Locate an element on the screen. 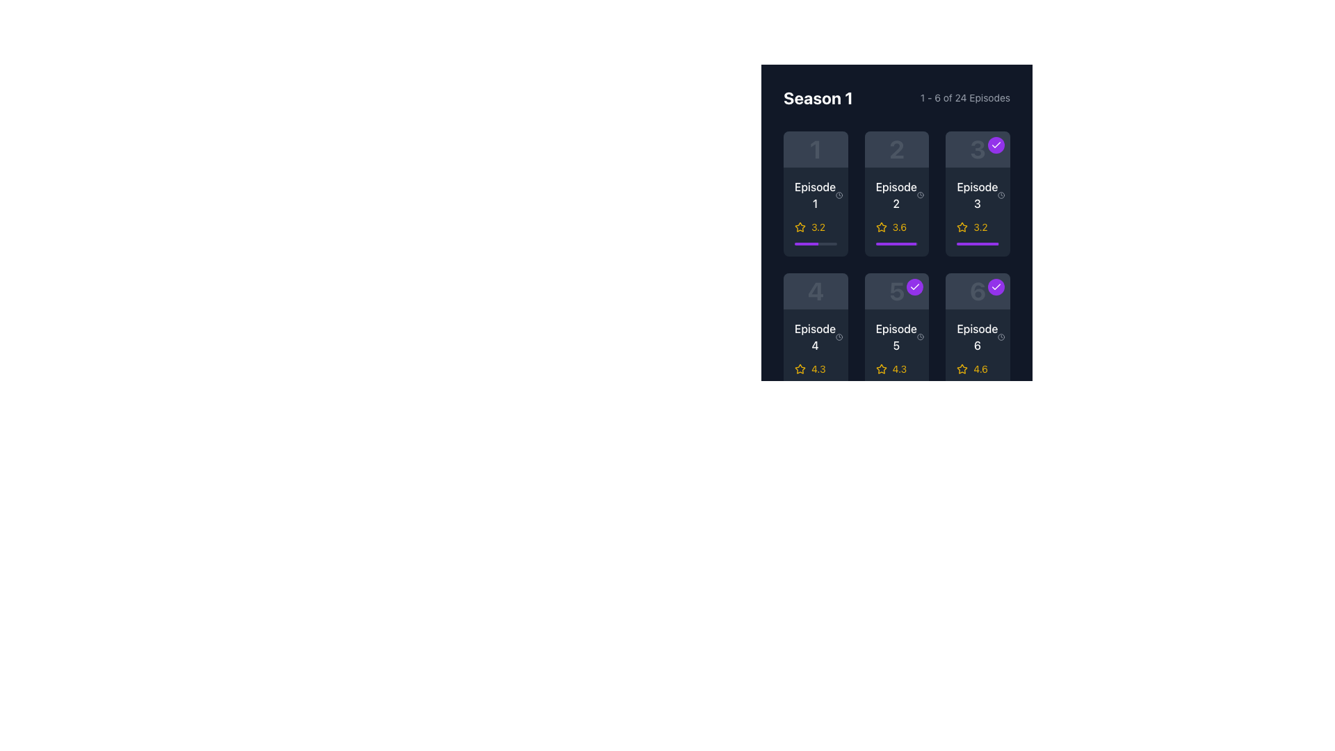 The width and height of the screenshot is (1335, 751). the small clock icon located to the left of the text '42 min' in the footer section of the card for Episode 1 in the first row and first column of the grid layout is located at coordinates (839, 195).